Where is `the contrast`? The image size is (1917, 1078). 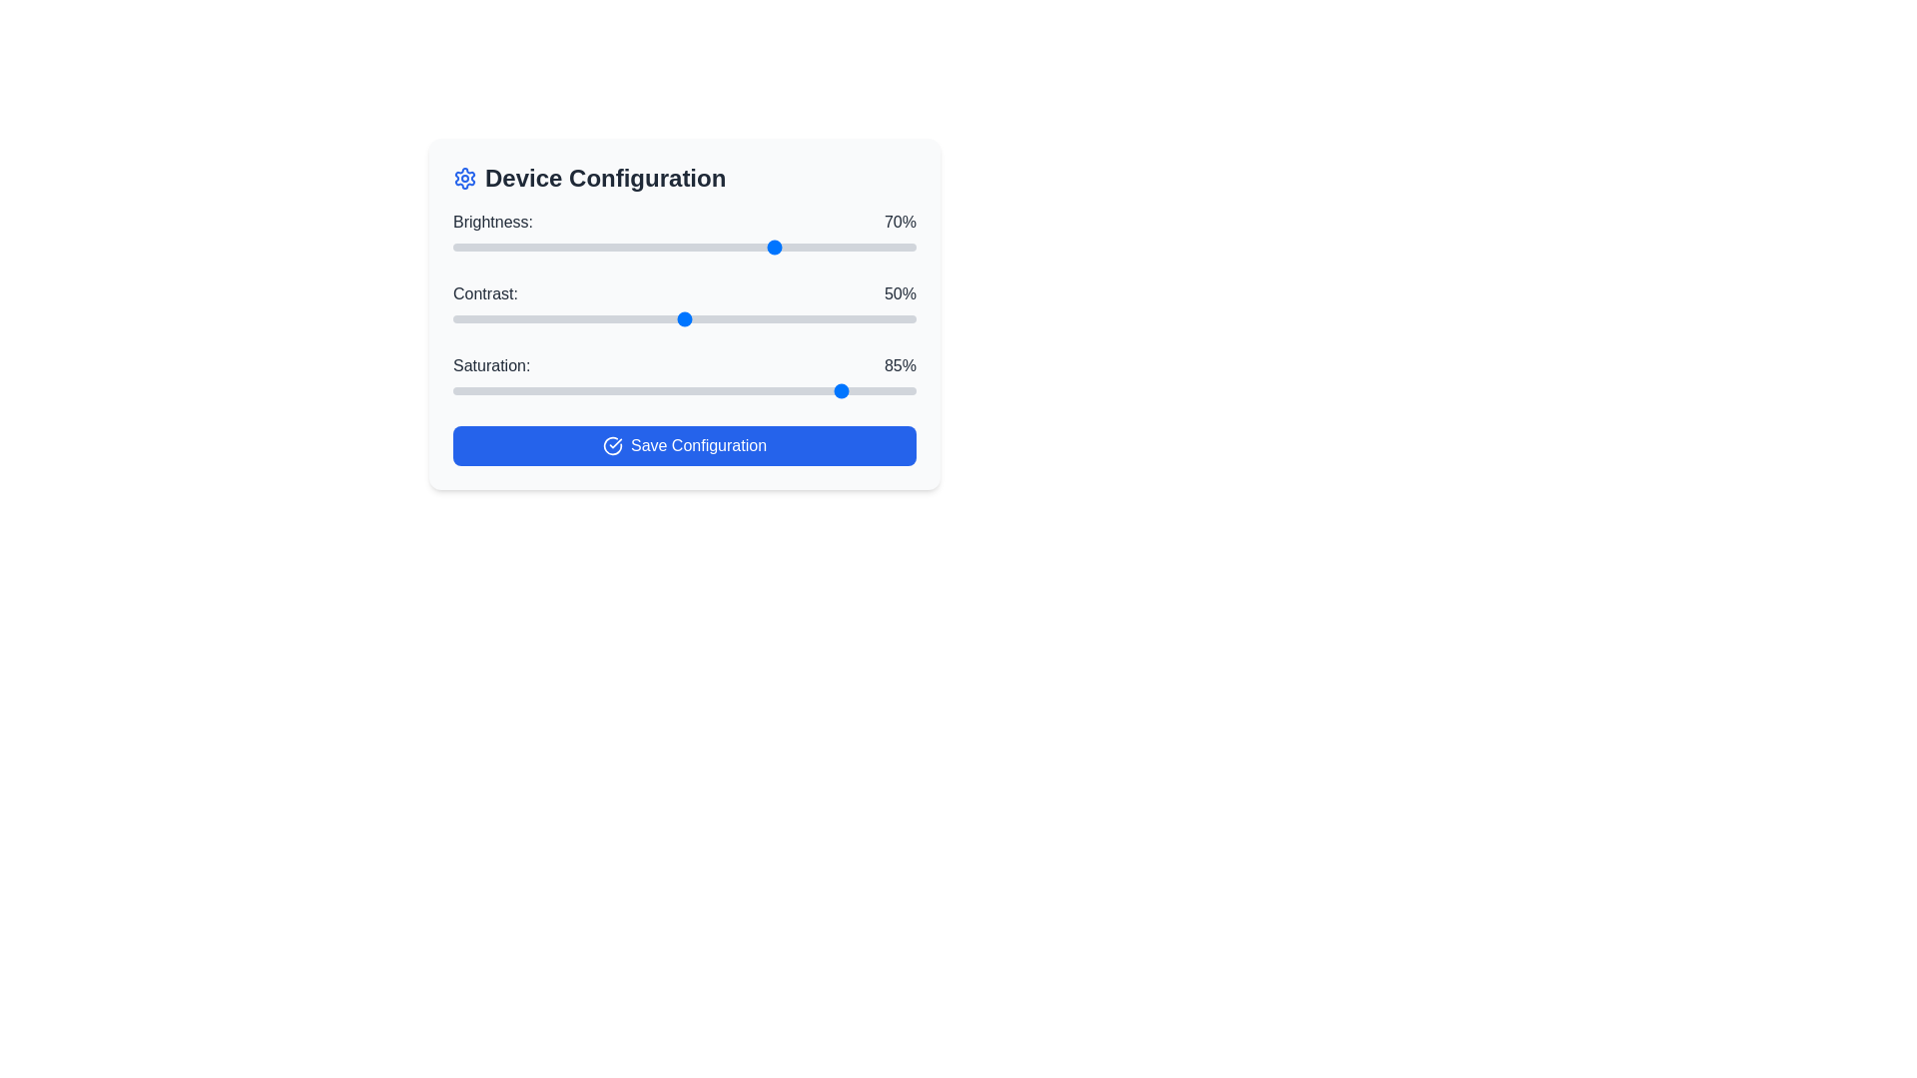
the contrast is located at coordinates (527, 318).